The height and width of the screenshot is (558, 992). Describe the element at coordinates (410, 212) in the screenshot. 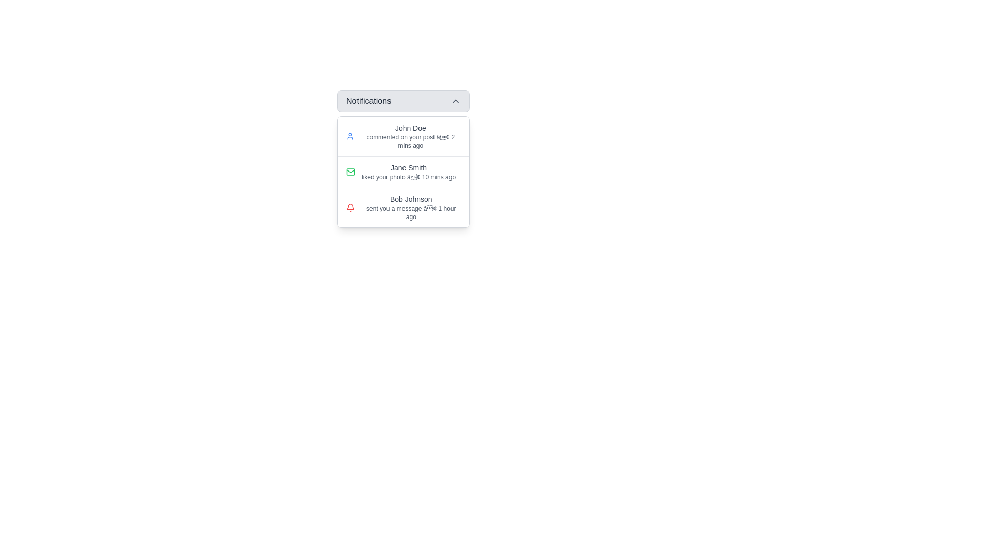

I see `text label displaying 'sent you a message • 1 hour ago' located under Bob Johnson's name in the notifications panel` at that location.